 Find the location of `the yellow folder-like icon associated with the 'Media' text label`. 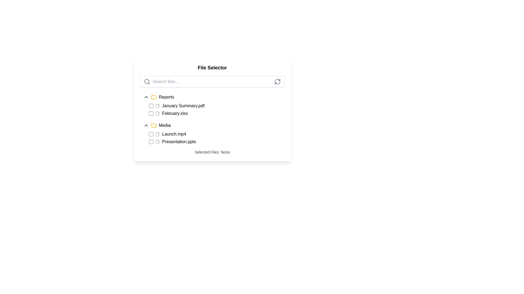

the yellow folder-like icon associated with the 'Media' text label is located at coordinates (154, 125).